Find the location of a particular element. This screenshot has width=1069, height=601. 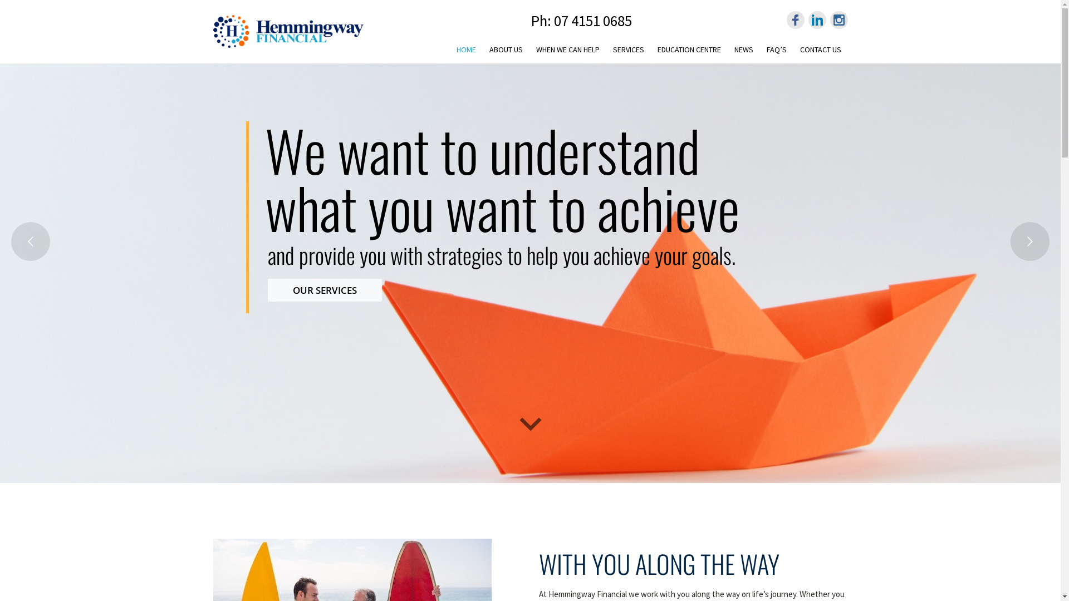

'Visit us on LinkedIn' is located at coordinates (817, 19).